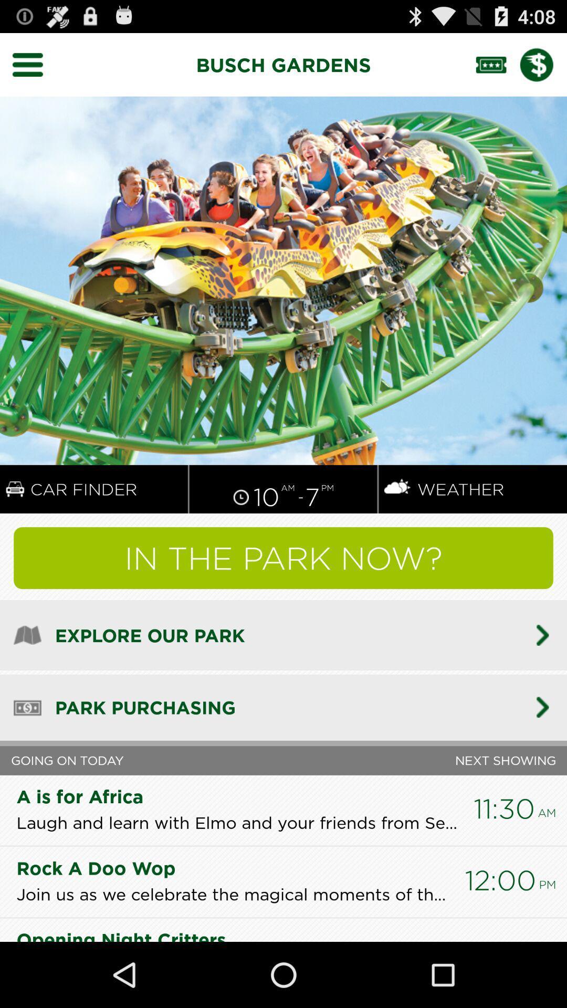  I want to click on the menu icon, so click(34, 69).